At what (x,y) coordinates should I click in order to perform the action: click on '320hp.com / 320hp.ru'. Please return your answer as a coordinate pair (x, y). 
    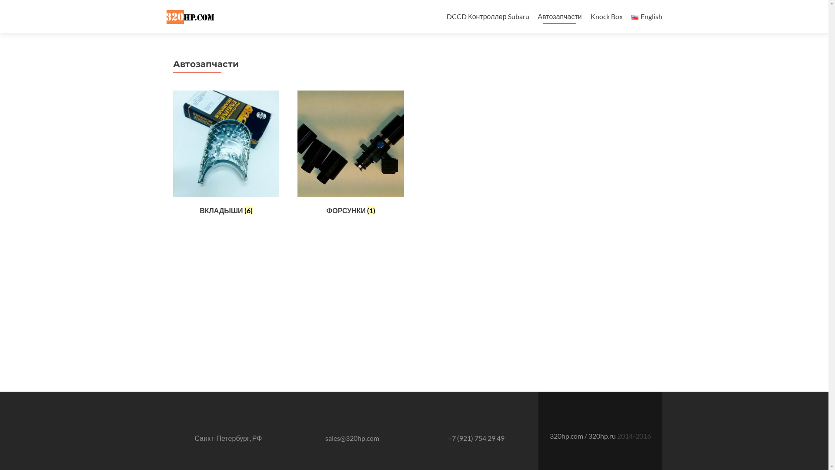
    Looking at the image, I should click on (583, 436).